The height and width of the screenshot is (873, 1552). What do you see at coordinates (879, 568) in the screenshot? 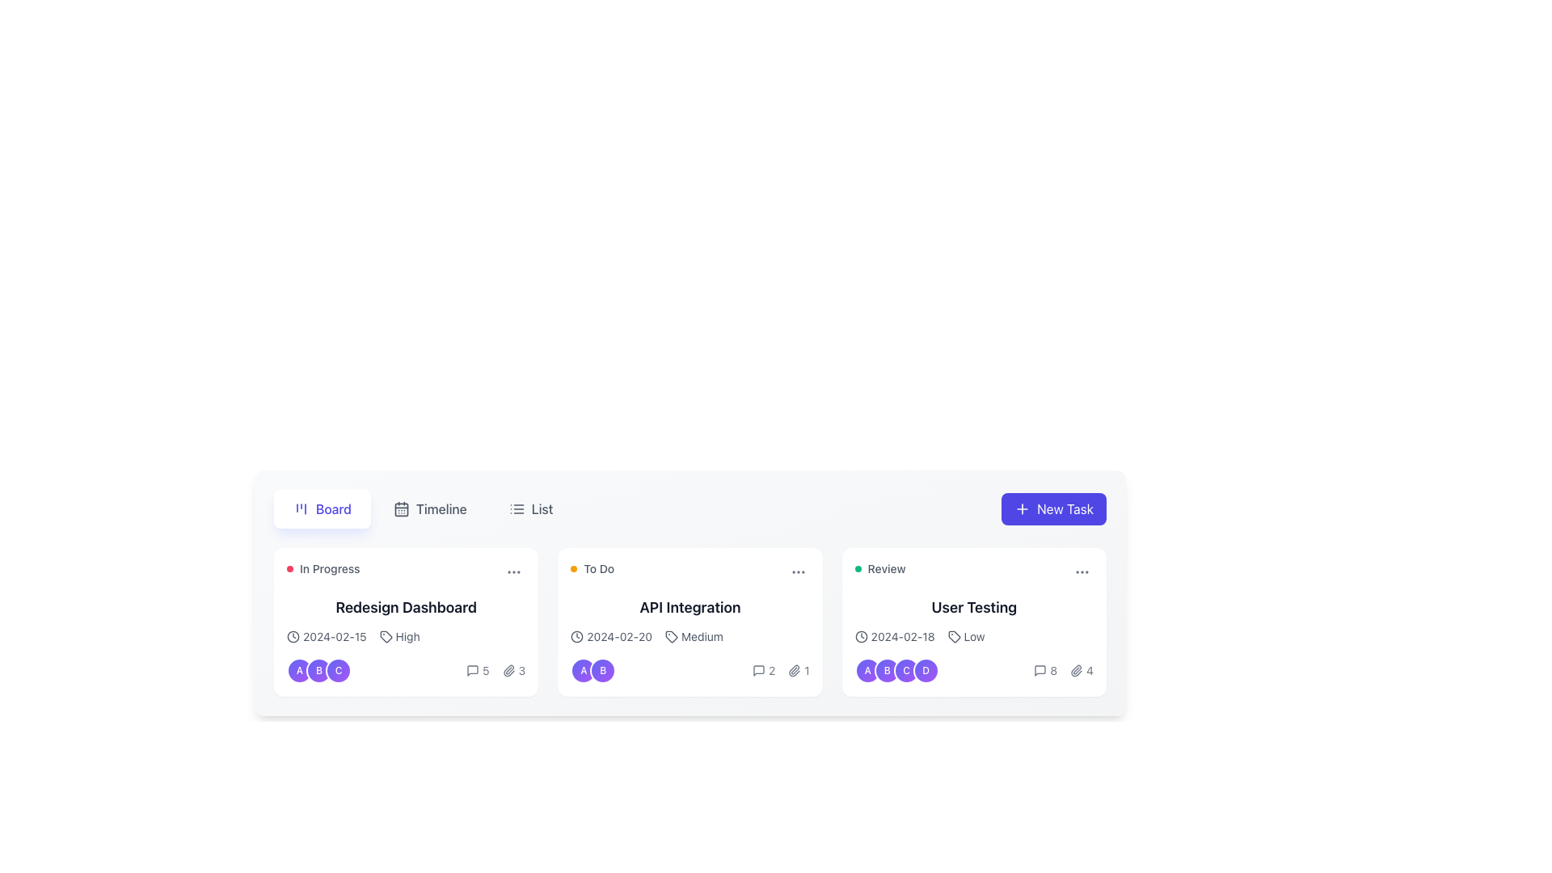
I see `the green circular indicator and 'Review' text label located in the top-left part of the 'User Testing' card for additional information` at bounding box center [879, 568].